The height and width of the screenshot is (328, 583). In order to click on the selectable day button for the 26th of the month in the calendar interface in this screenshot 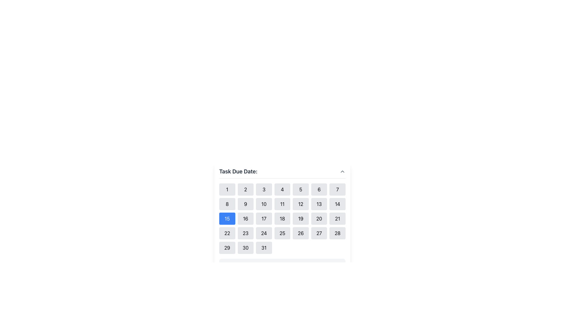, I will do `click(301, 233)`.